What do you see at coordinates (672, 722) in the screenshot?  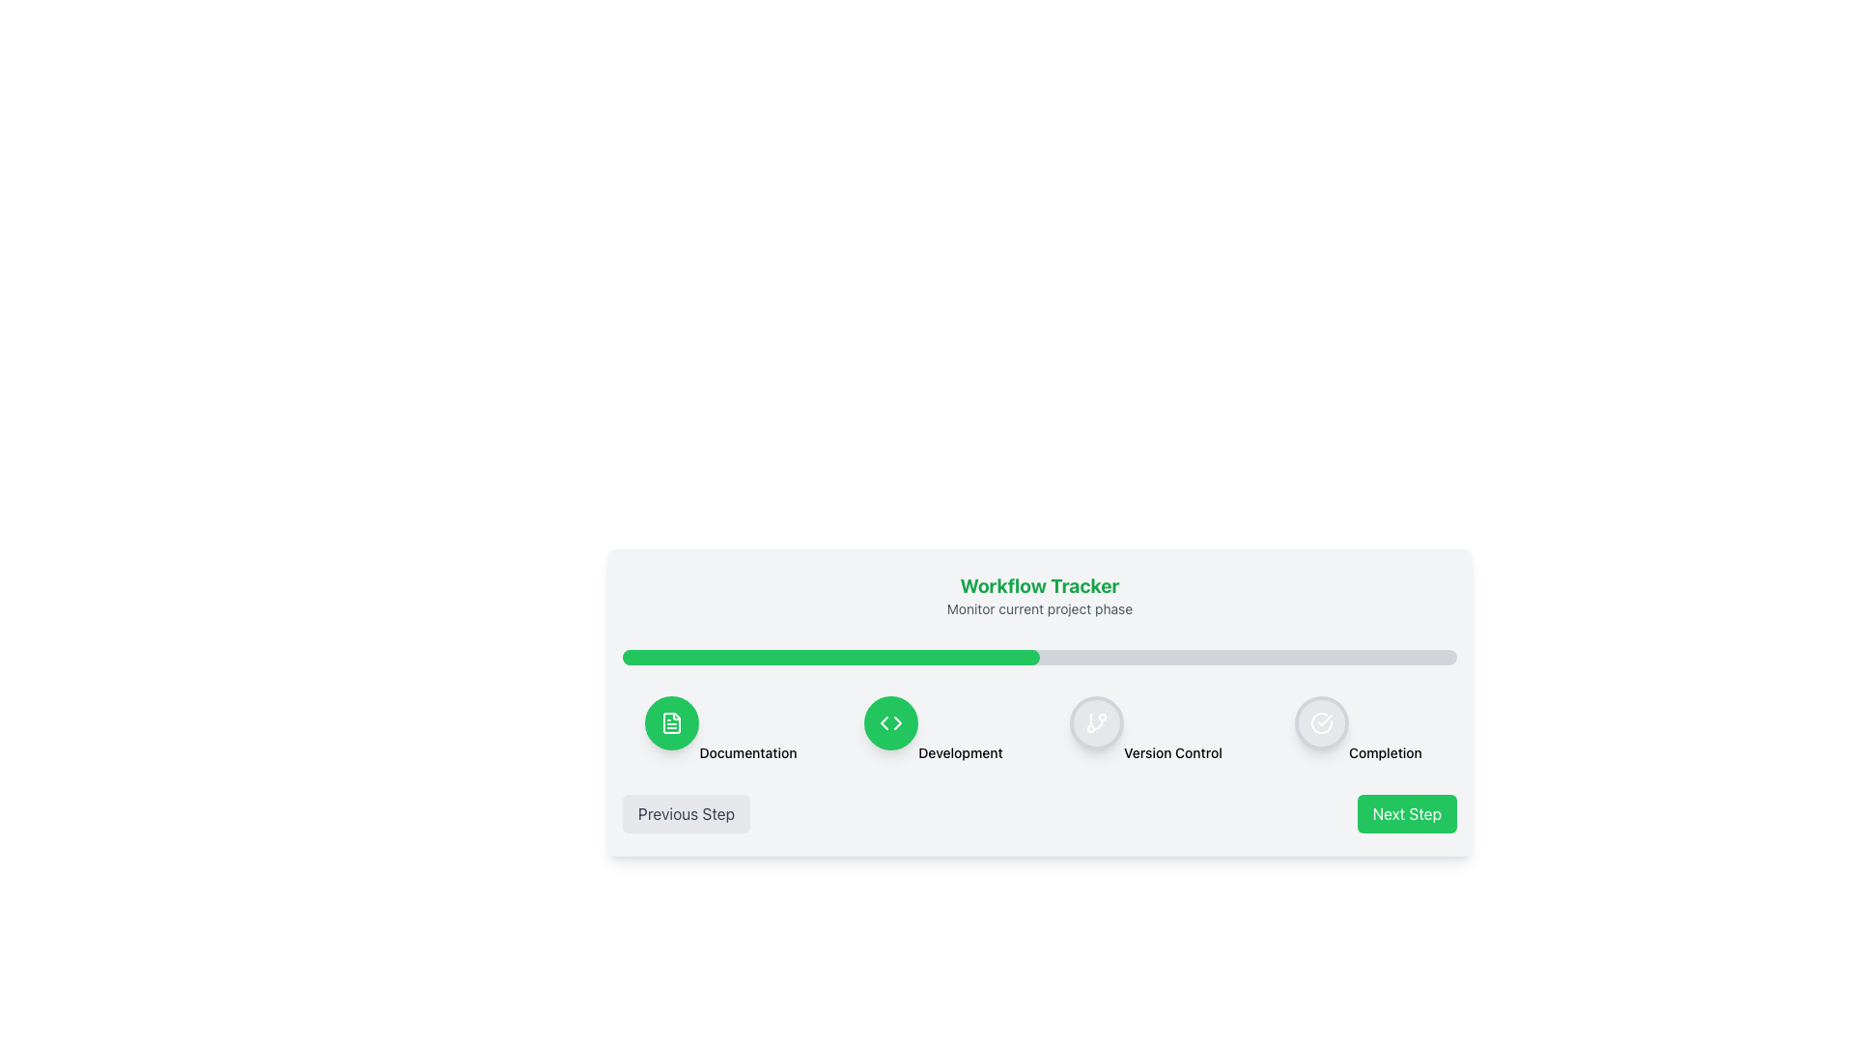 I see `the green circular icon representing the 'Documentation' step in the workflow tracker` at bounding box center [672, 722].